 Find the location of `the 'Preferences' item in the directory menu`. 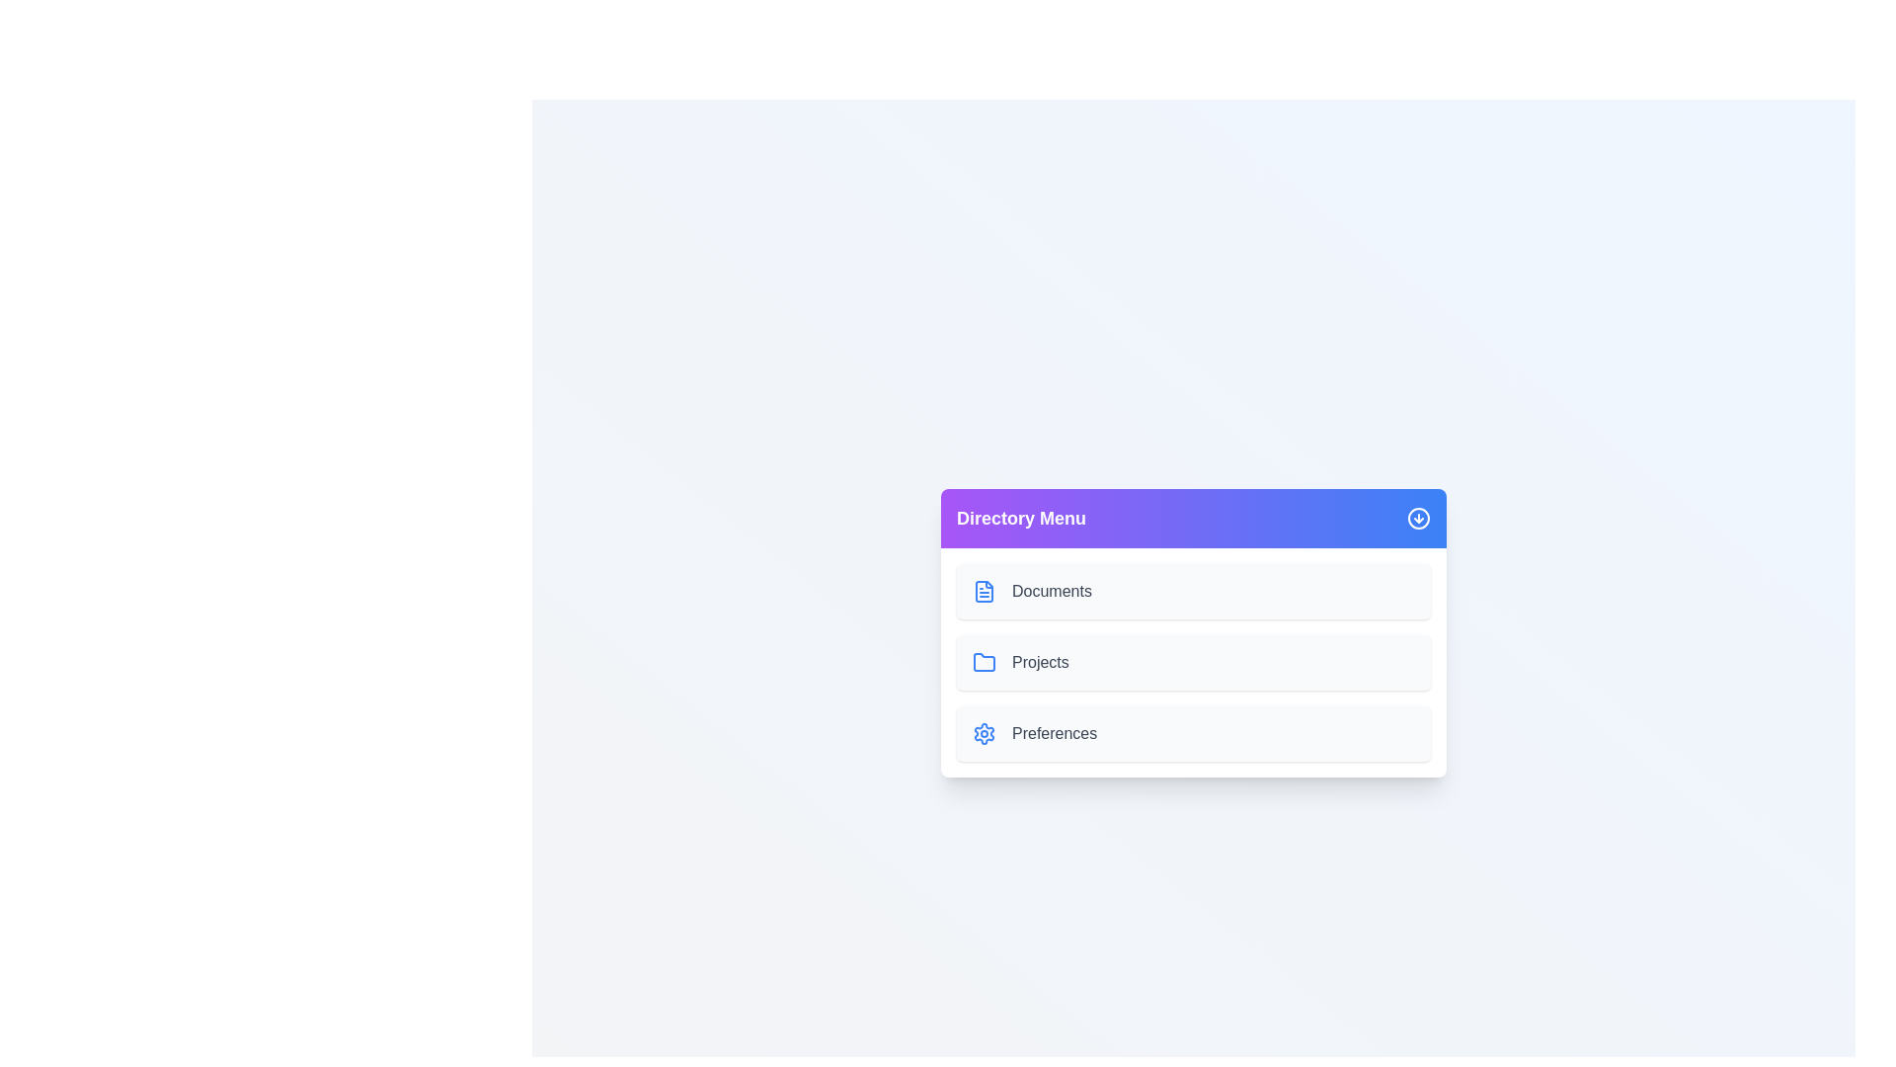

the 'Preferences' item in the directory menu is located at coordinates (1193, 734).